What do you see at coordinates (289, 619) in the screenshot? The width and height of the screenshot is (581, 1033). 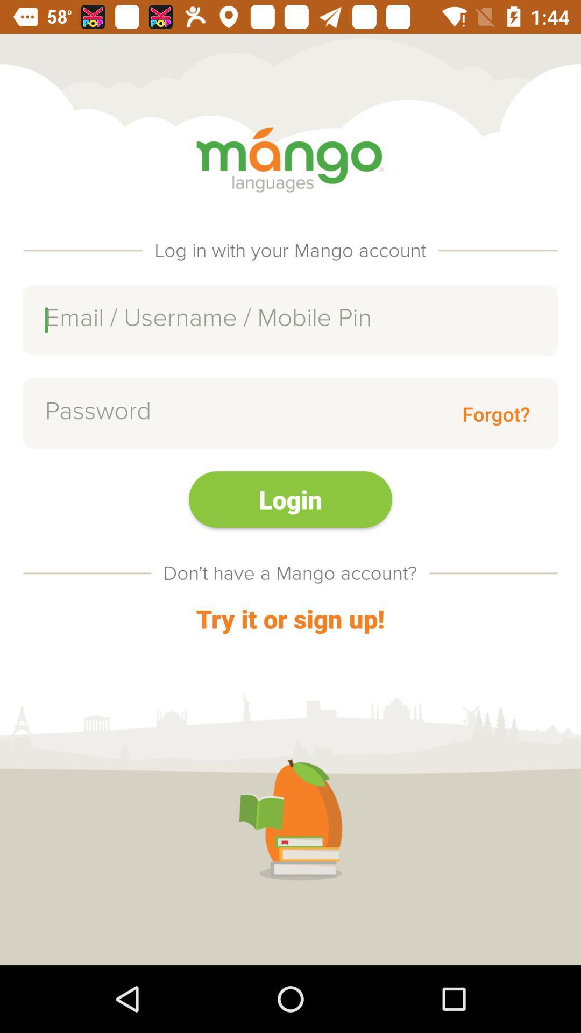 I see `item below the don t have item` at bounding box center [289, 619].